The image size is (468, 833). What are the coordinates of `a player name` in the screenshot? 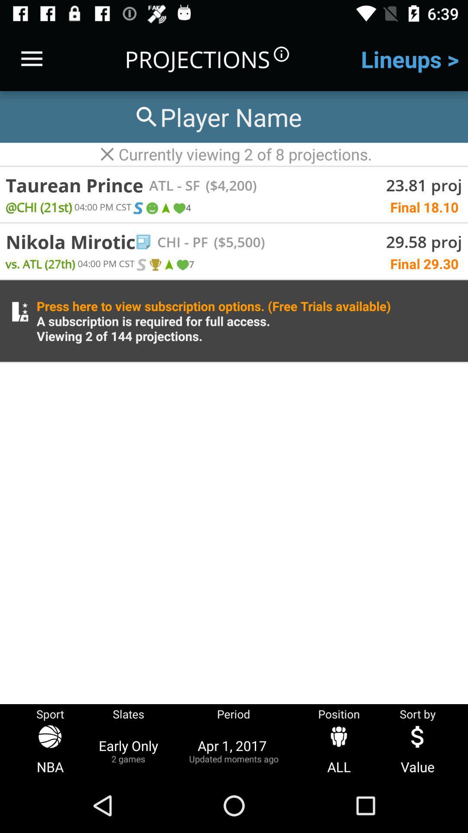 It's located at (217, 116).